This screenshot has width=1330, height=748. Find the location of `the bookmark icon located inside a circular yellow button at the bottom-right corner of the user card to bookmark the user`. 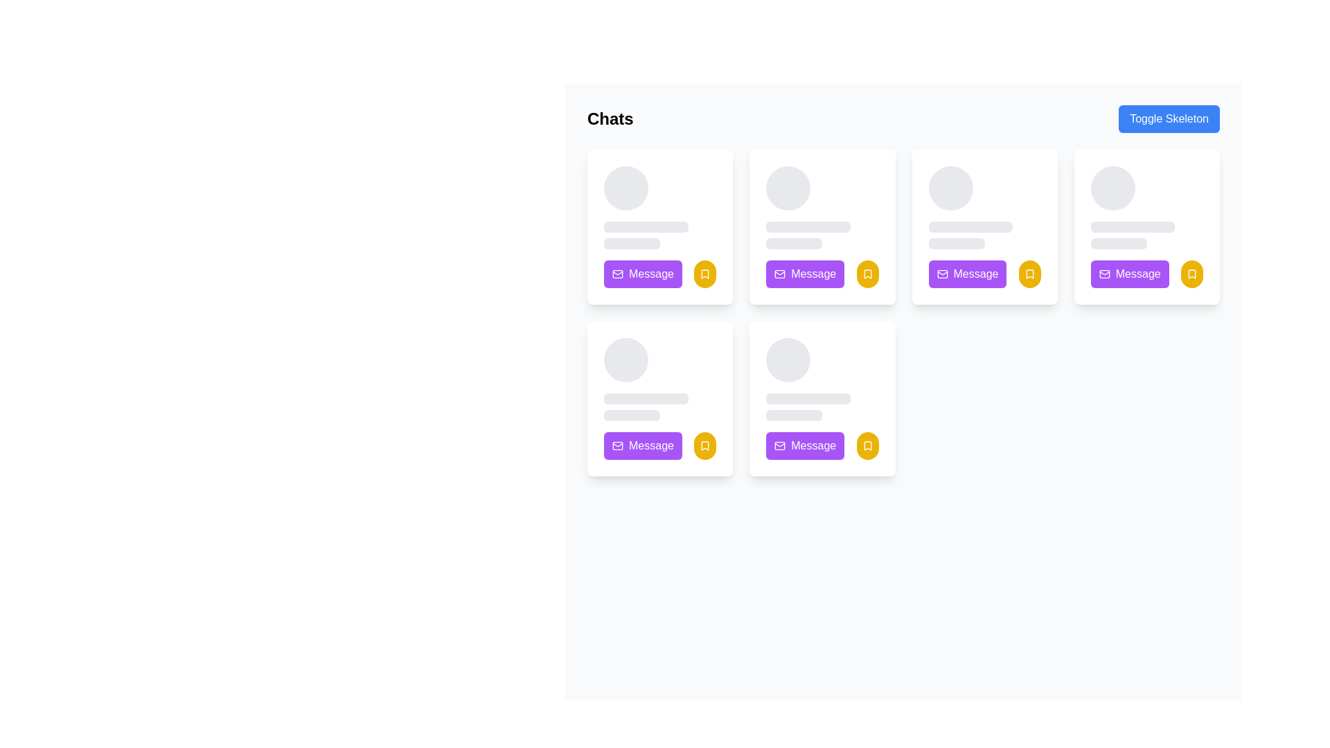

the bookmark icon located inside a circular yellow button at the bottom-right corner of the user card to bookmark the user is located at coordinates (705, 274).